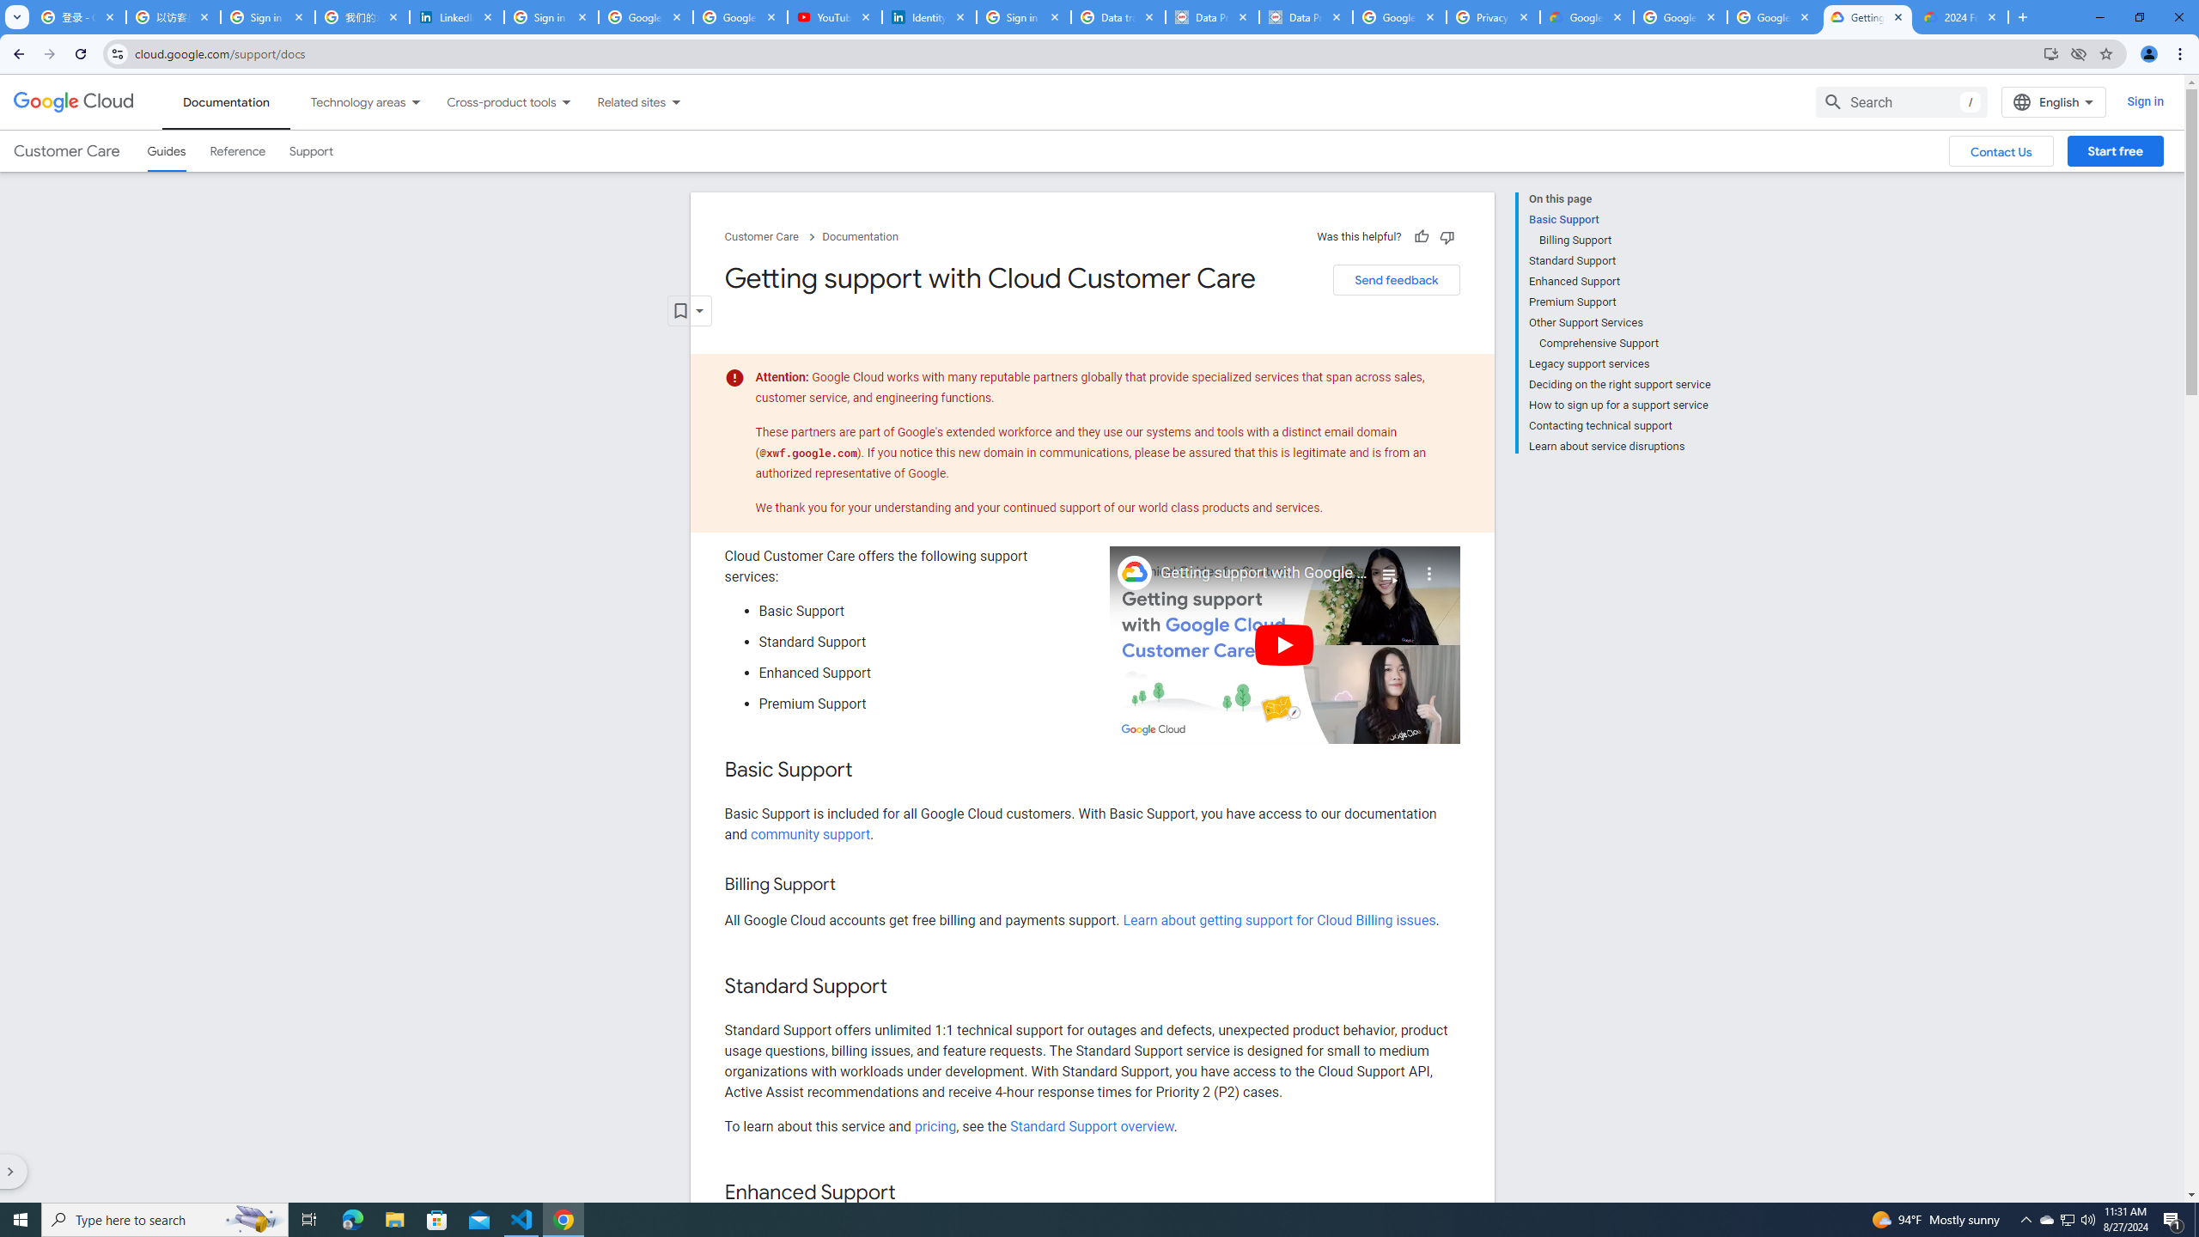 This screenshot has height=1237, width=2199. Describe the element at coordinates (2053, 101) in the screenshot. I see `'English'` at that location.